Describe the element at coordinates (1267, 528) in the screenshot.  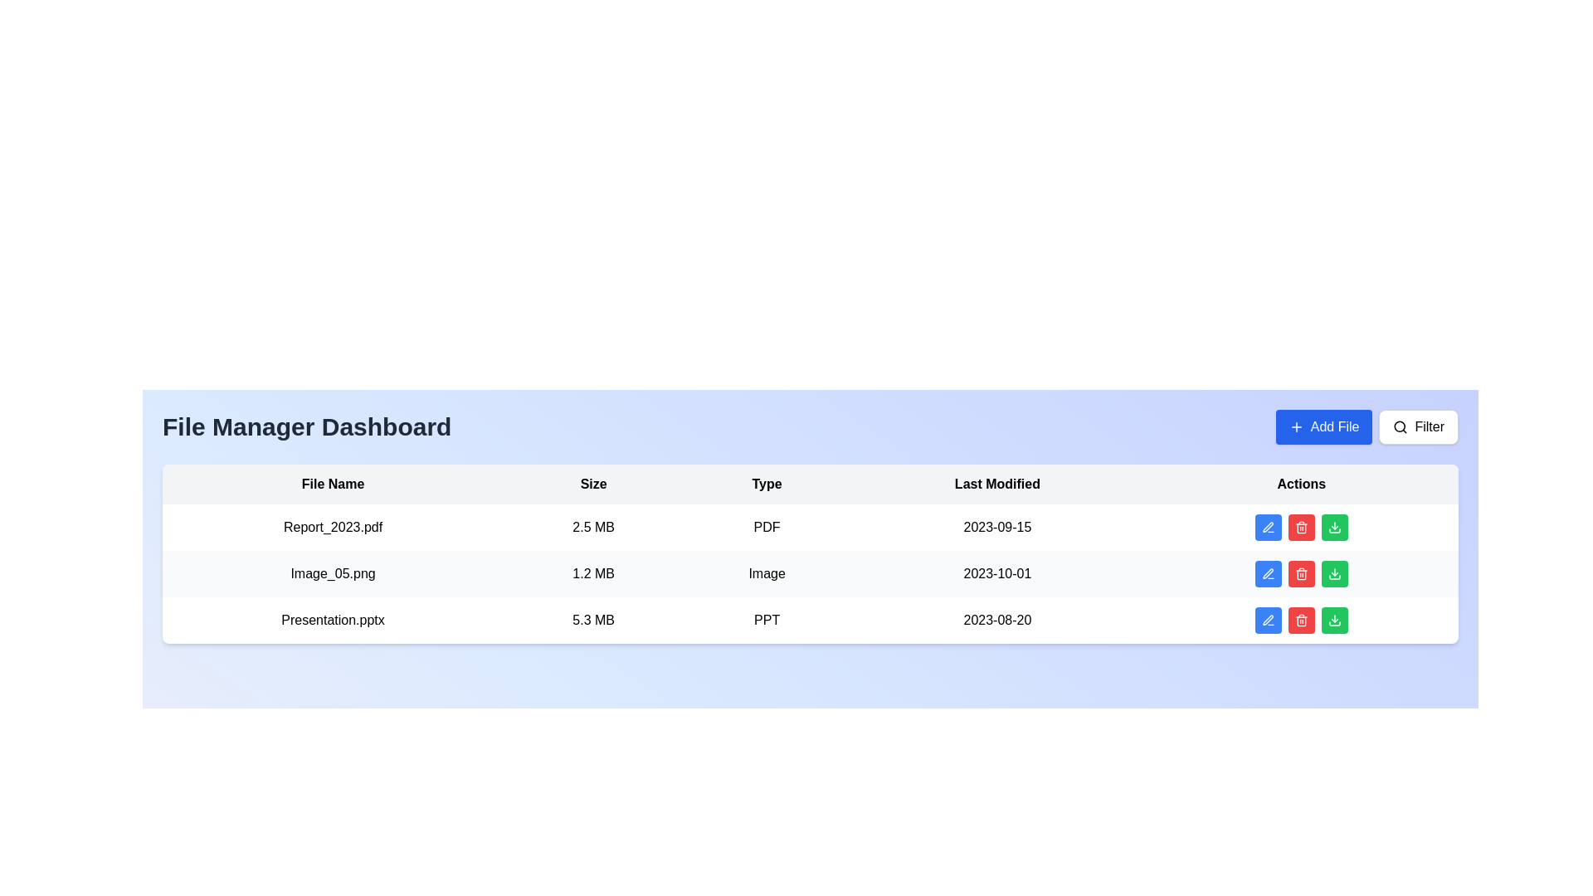
I see `the small blue button with a white pen icon in the 'Actions' column for the file 'Report_2023.pdf'` at that location.